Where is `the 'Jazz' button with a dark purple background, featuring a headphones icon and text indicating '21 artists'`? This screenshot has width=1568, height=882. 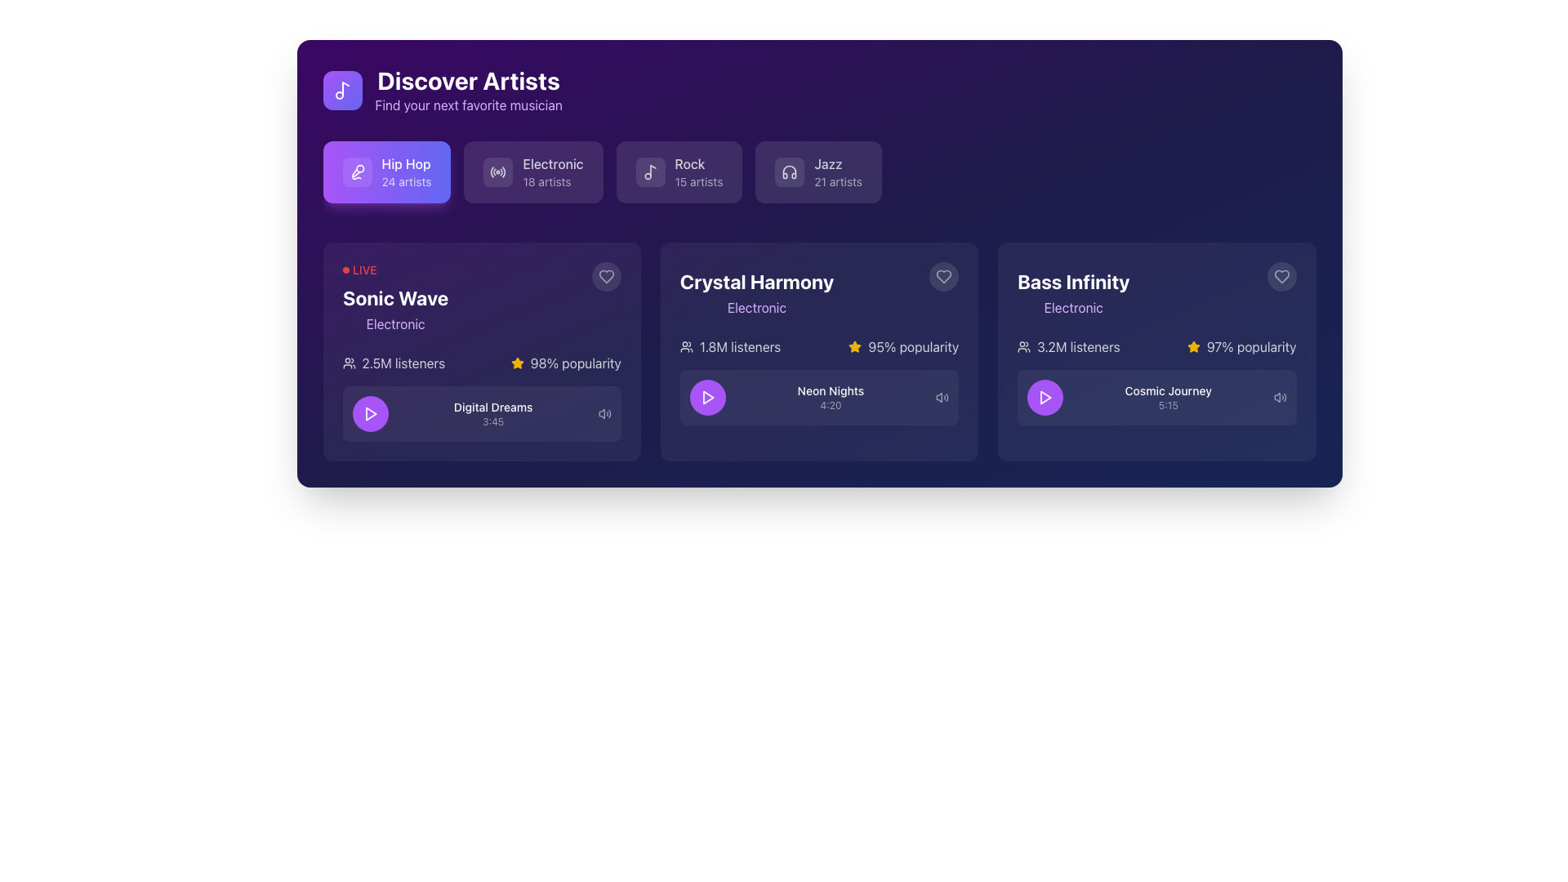 the 'Jazz' button with a dark purple background, featuring a headphones icon and text indicating '21 artists' is located at coordinates (818, 172).